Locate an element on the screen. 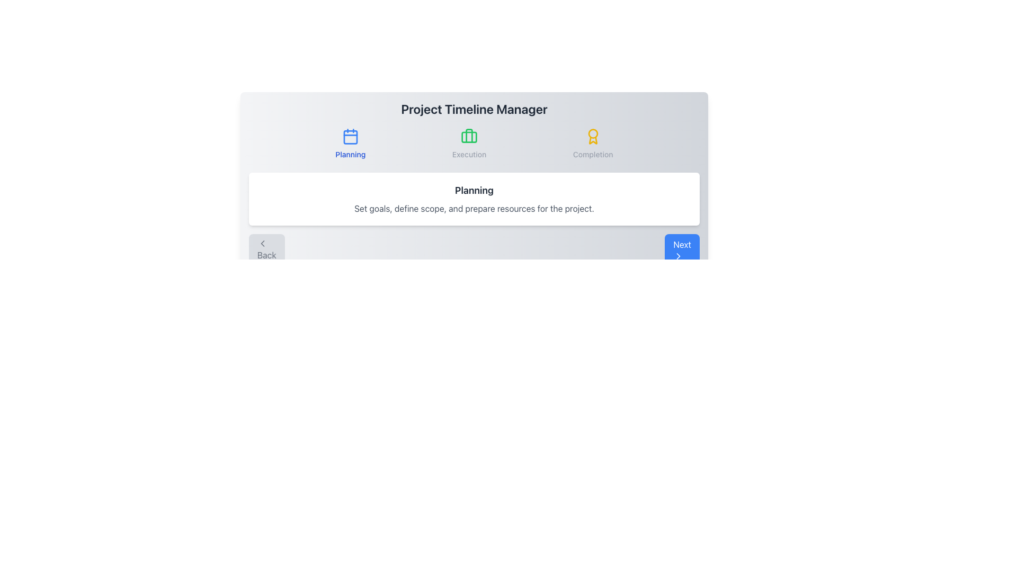 This screenshot has width=1017, height=572. the calendar icon with a blue outline located in the 'Planning' section above the text label 'Planning' for possible interaction is located at coordinates (350, 136).